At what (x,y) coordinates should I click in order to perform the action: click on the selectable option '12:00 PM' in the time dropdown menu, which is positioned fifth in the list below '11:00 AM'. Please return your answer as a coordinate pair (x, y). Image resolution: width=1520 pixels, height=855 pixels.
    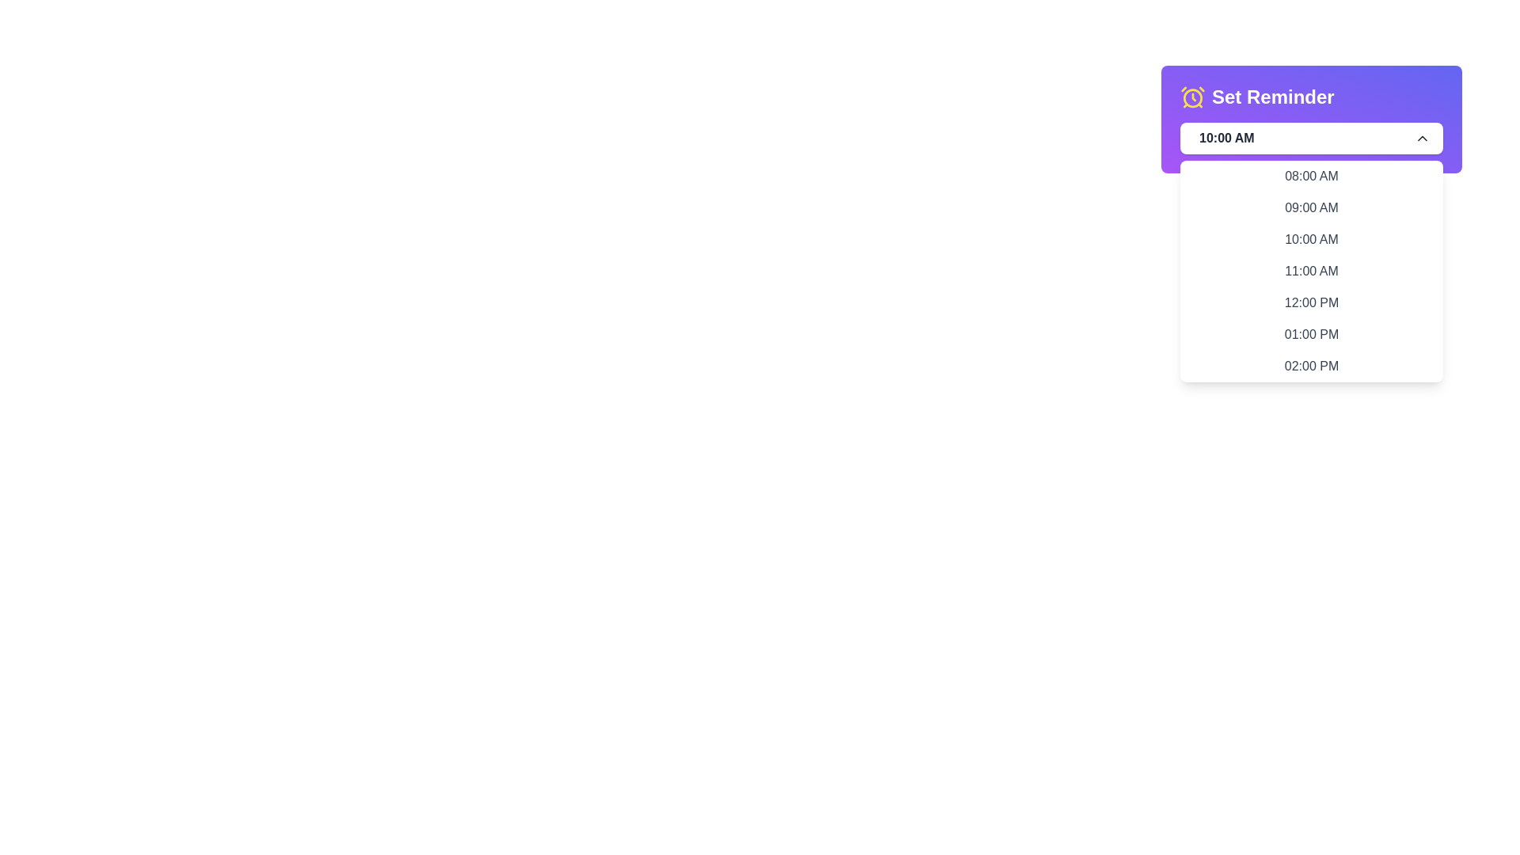
    Looking at the image, I should click on (1311, 302).